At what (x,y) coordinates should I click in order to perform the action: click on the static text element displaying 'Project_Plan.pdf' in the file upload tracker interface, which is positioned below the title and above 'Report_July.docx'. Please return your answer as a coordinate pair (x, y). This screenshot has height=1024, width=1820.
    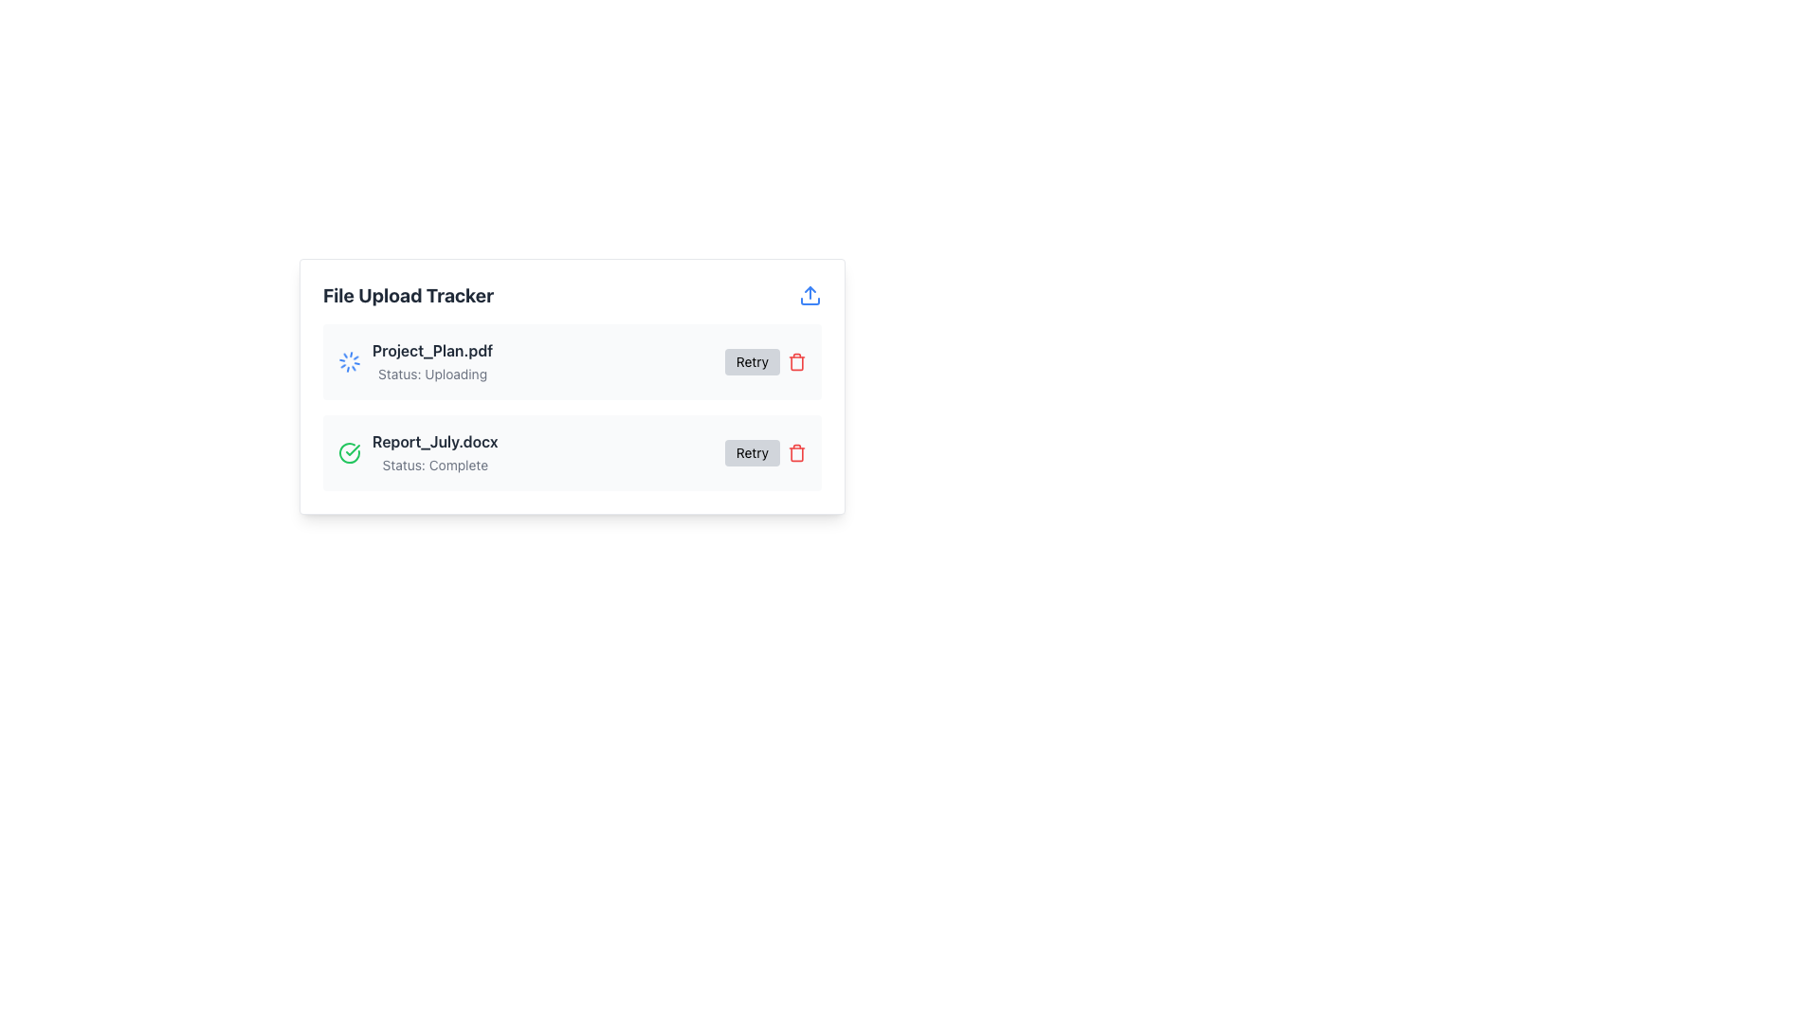
    Looking at the image, I should click on (431, 351).